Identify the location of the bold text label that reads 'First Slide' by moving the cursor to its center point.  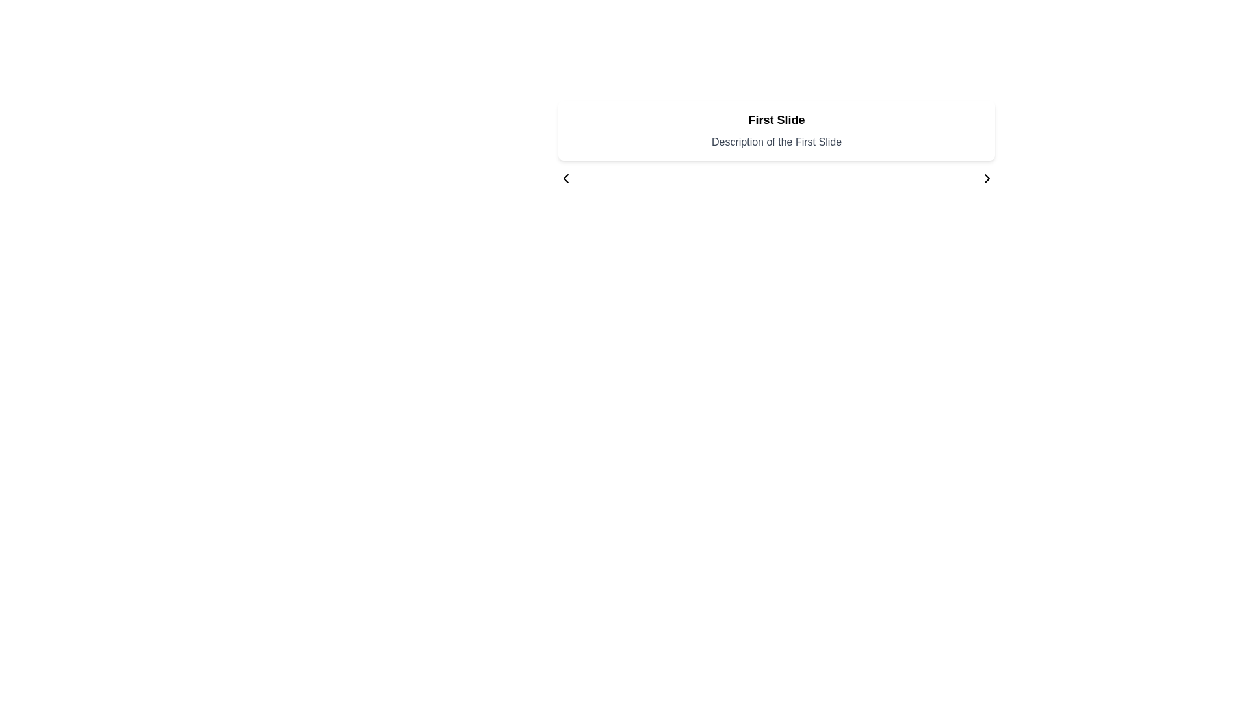
(777, 120).